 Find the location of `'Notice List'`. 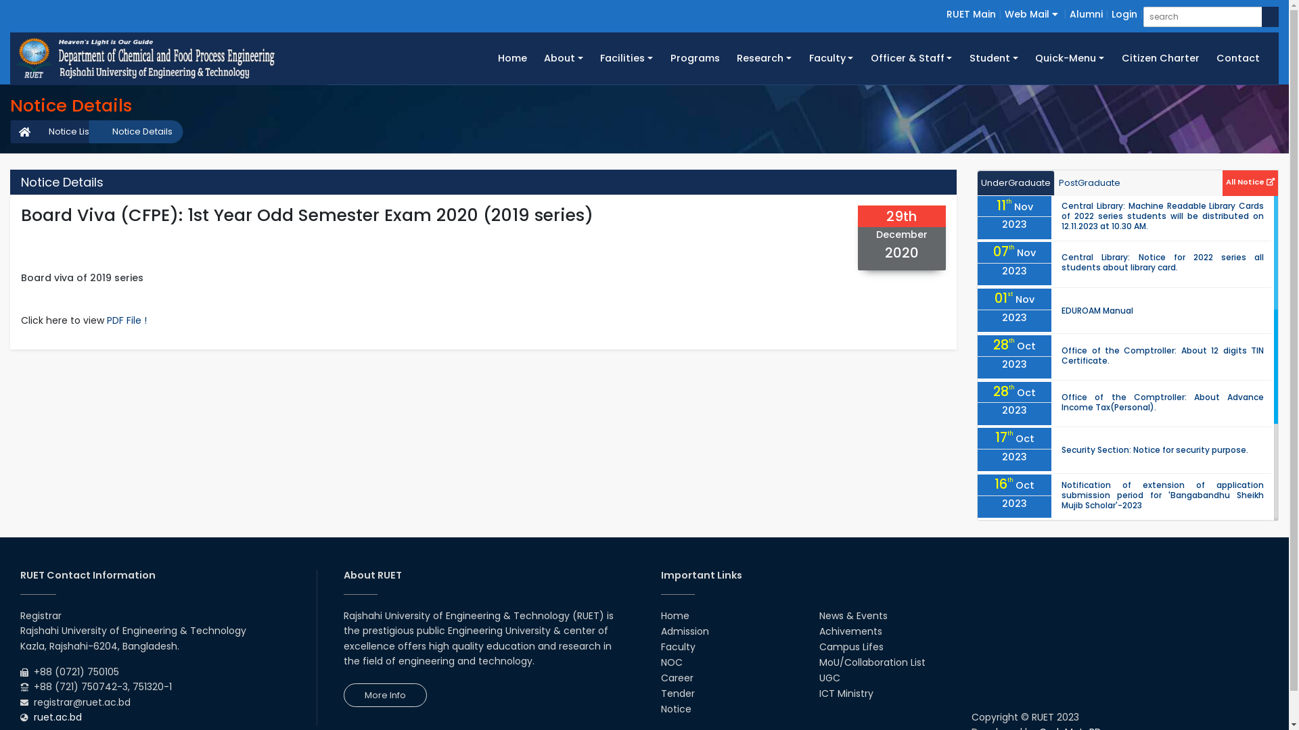

'Notice List' is located at coordinates (63, 132).